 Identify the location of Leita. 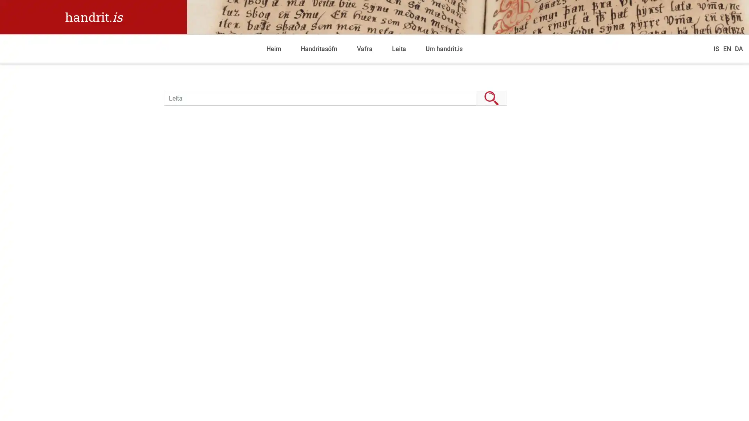
(491, 97).